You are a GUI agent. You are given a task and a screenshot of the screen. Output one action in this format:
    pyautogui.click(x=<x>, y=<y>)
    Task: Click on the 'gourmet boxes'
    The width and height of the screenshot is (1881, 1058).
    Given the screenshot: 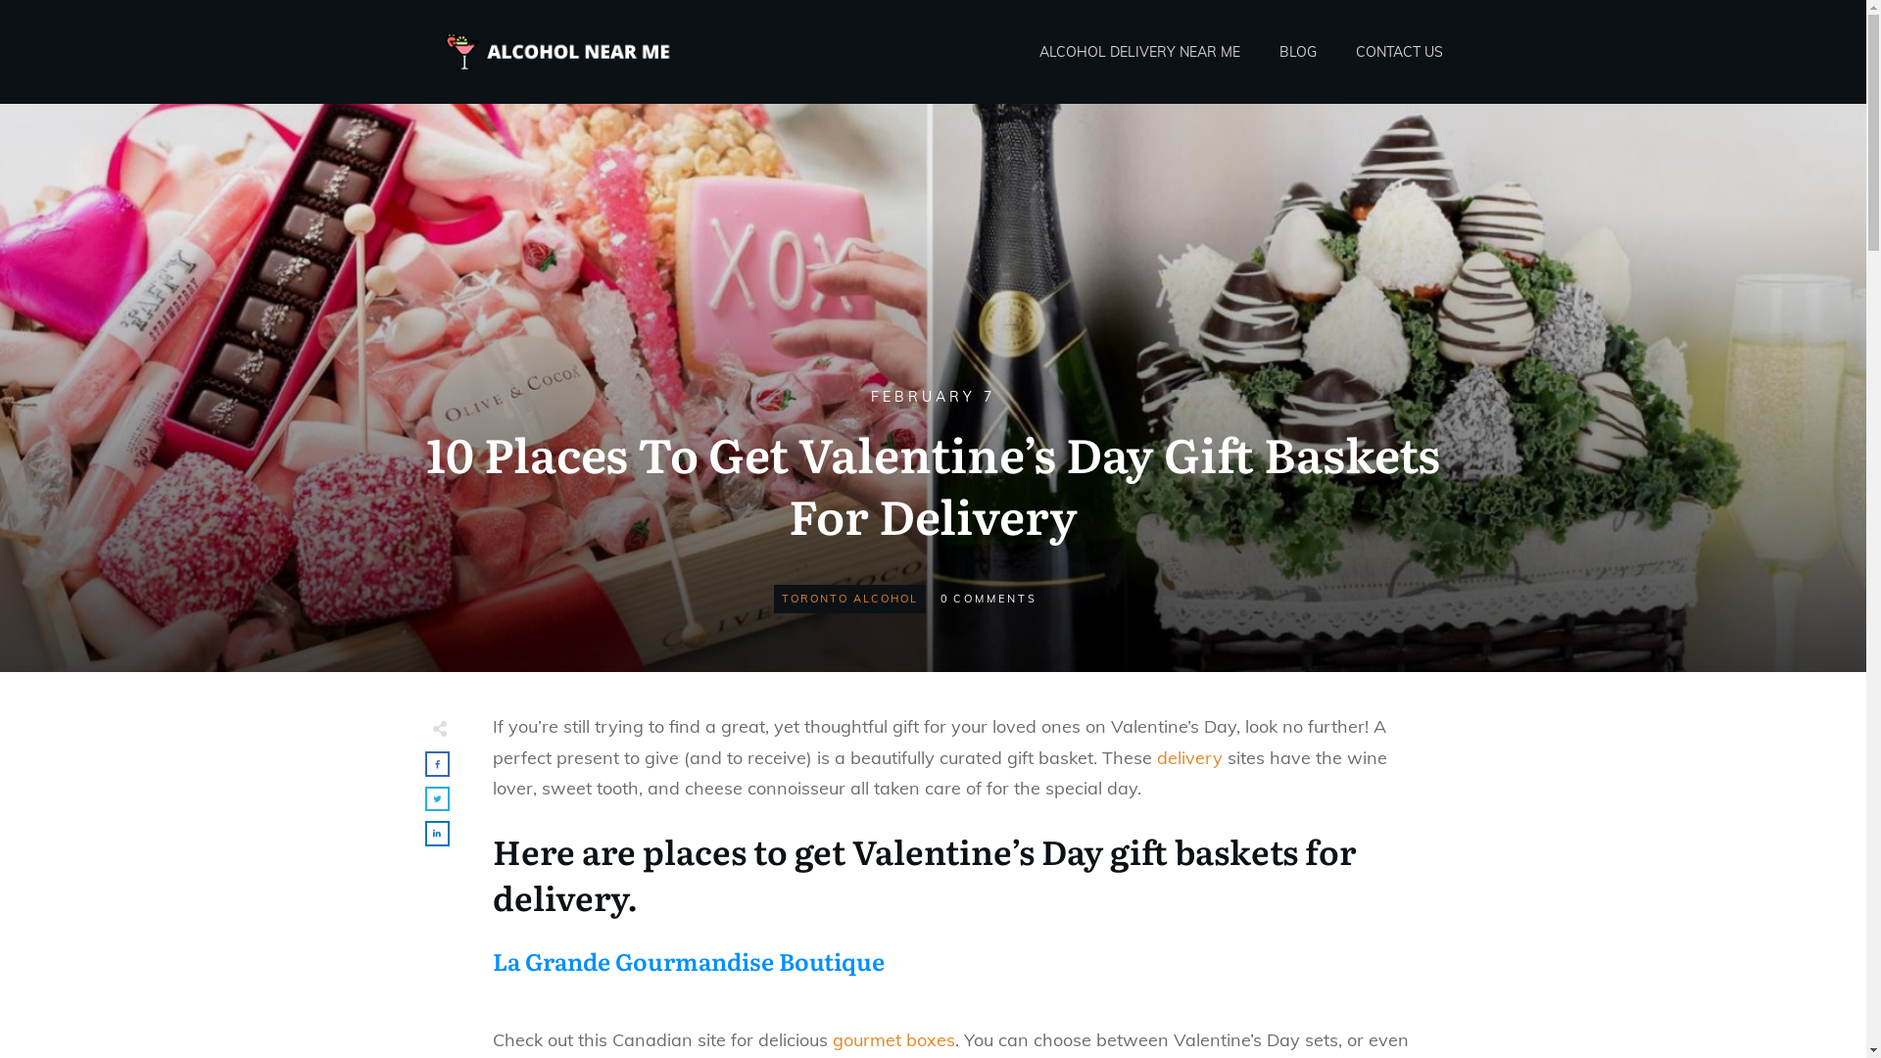 What is the action you would take?
    pyautogui.click(x=832, y=1038)
    